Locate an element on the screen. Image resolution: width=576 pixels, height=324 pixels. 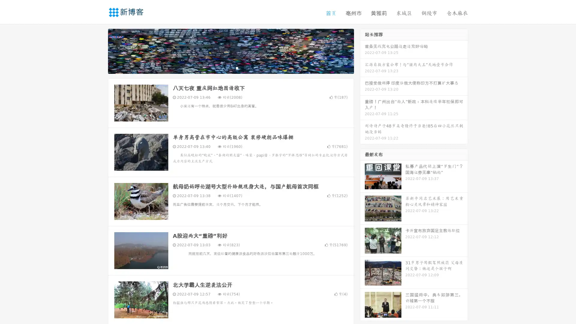
Go to slide 1 is located at coordinates (224, 67).